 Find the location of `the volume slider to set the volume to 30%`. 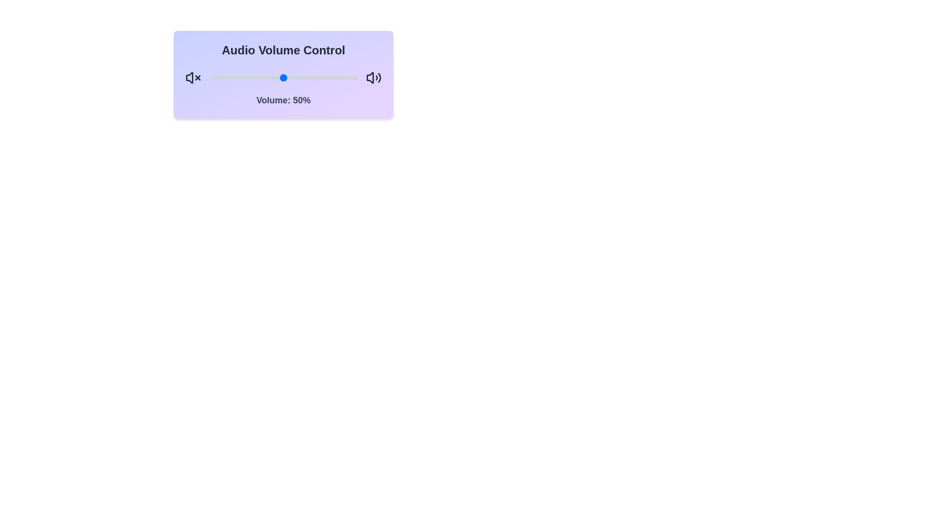

the volume slider to set the volume to 30% is located at coordinates (254, 77).